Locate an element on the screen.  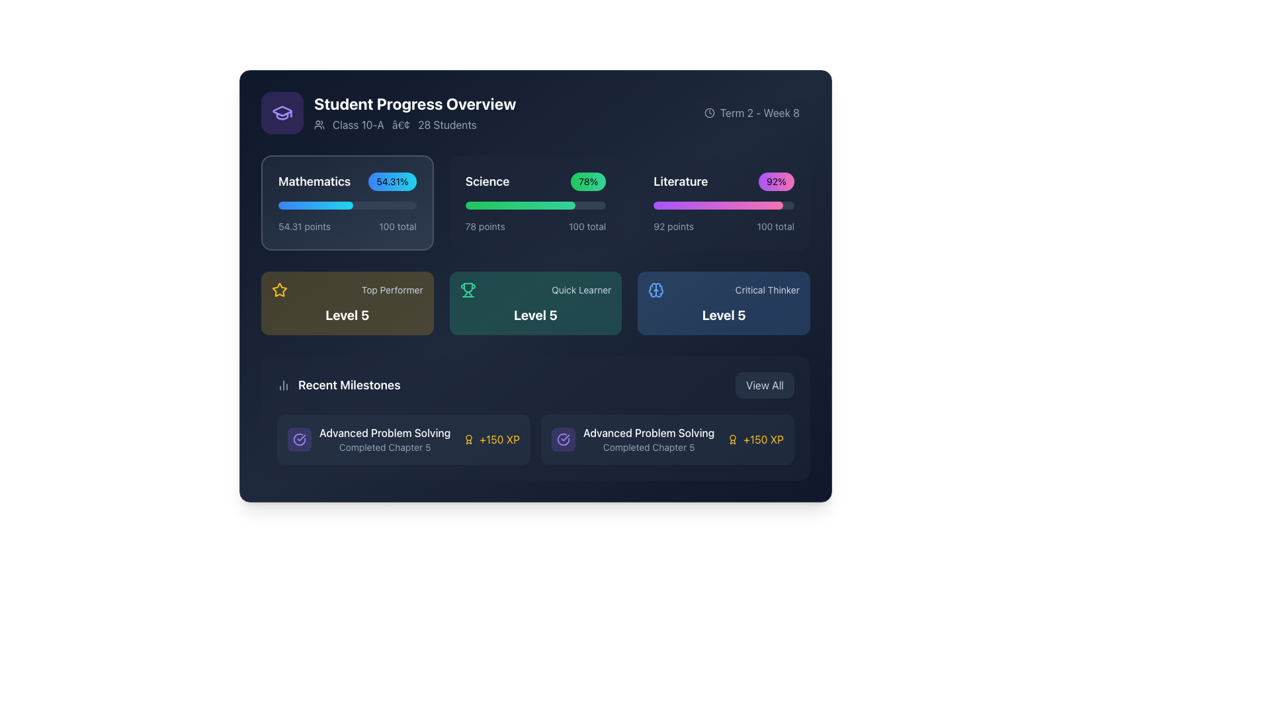
the horizontal rounded progress bar located in the top-right section of the interface, below the 'Literature' title, which features a gradient from purple to pink and indicates '92%' is located at coordinates (718, 206).